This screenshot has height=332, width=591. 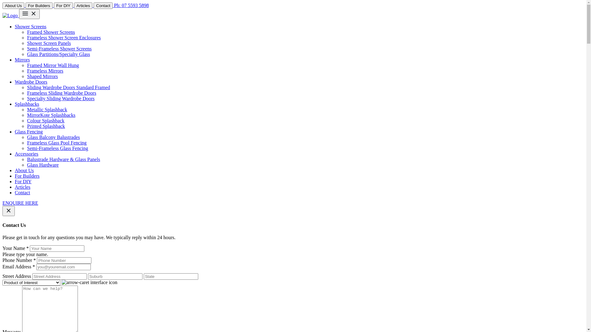 I want to click on 'Colour Splashback', so click(x=45, y=121).